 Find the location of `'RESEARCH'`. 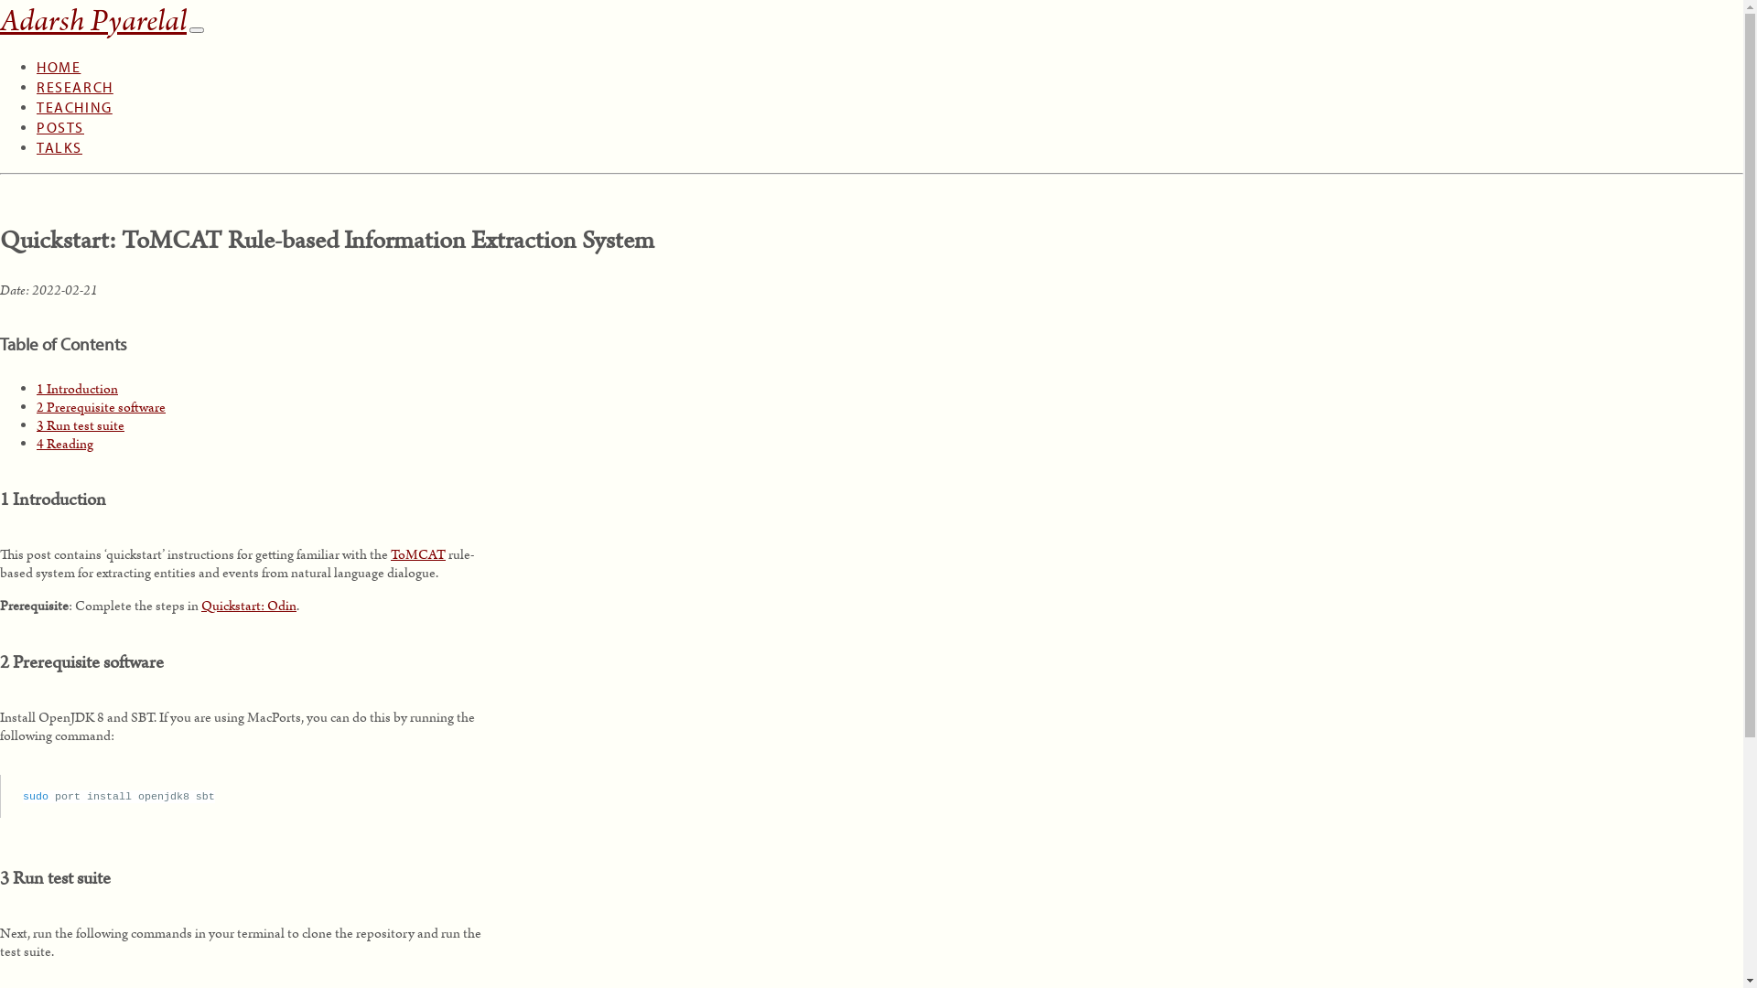

'RESEARCH' is located at coordinates (73, 70).